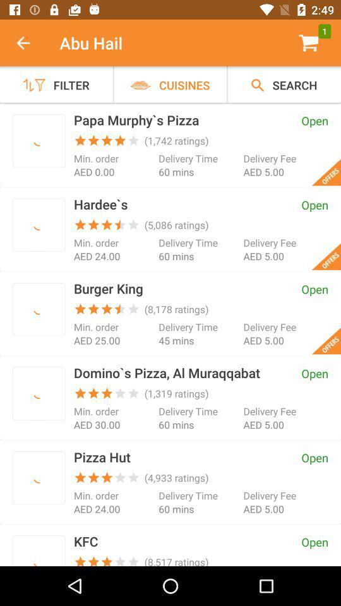 The width and height of the screenshot is (341, 606). What do you see at coordinates (39, 552) in the screenshot?
I see `order from kfc` at bounding box center [39, 552].